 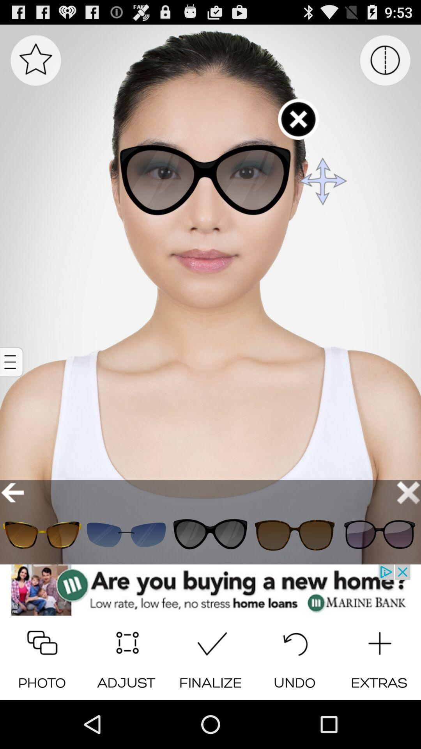 What do you see at coordinates (210, 534) in the screenshot?
I see `see that style on the model` at bounding box center [210, 534].